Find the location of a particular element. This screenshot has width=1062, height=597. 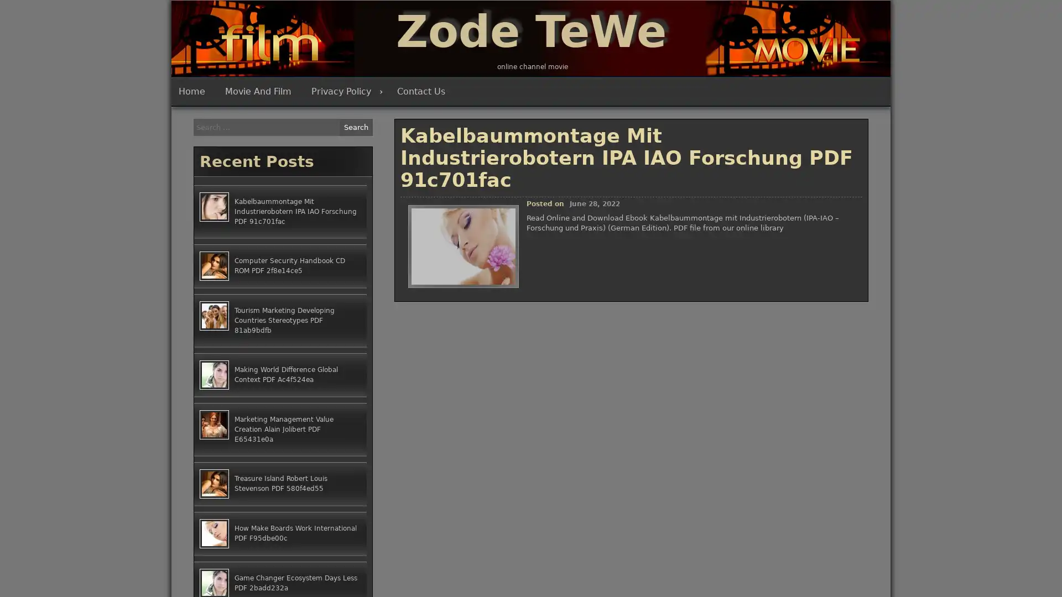

Search is located at coordinates (356, 127).